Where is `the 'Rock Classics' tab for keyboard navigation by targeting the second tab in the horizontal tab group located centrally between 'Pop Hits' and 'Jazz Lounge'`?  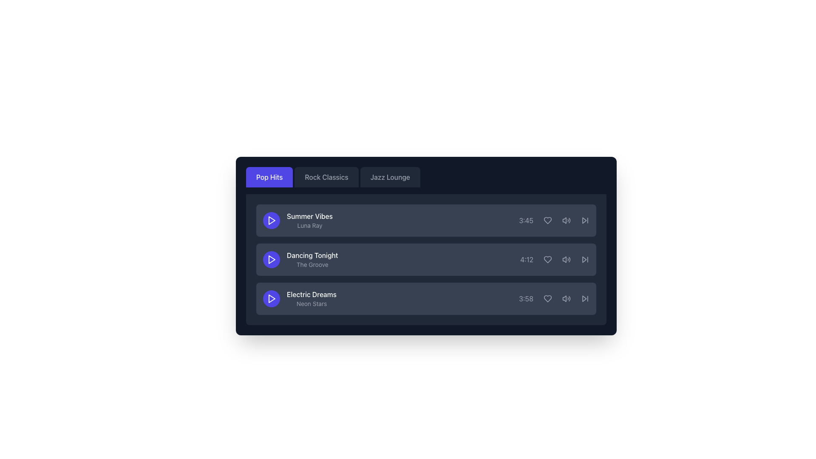
the 'Rock Classics' tab for keyboard navigation by targeting the second tab in the horizontal tab group located centrally between 'Pop Hits' and 'Jazz Lounge' is located at coordinates (326, 176).